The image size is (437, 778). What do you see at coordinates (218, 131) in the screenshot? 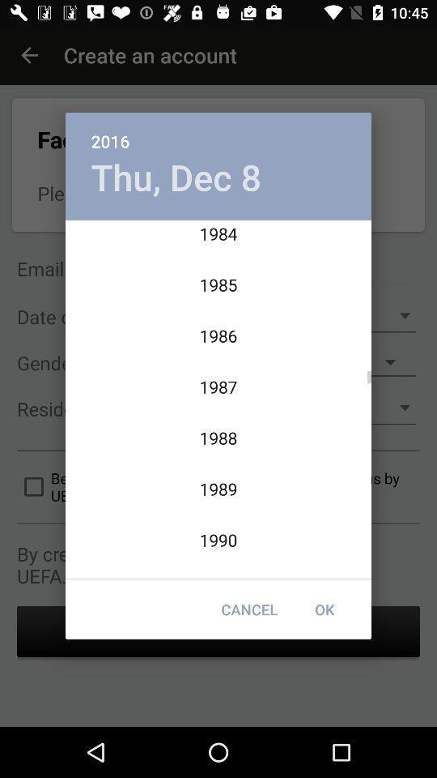
I see `item above the thu, dec 8 item` at bounding box center [218, 131].